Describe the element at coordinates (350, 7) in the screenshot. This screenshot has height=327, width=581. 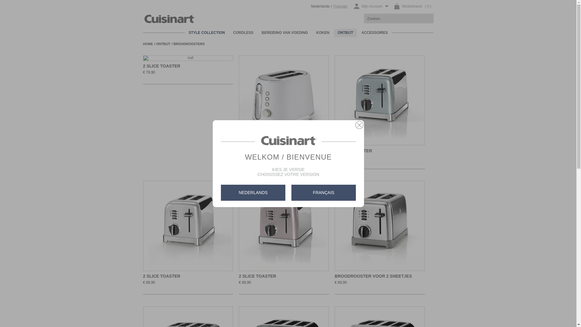
I see `'Mijn Account'` at that location.